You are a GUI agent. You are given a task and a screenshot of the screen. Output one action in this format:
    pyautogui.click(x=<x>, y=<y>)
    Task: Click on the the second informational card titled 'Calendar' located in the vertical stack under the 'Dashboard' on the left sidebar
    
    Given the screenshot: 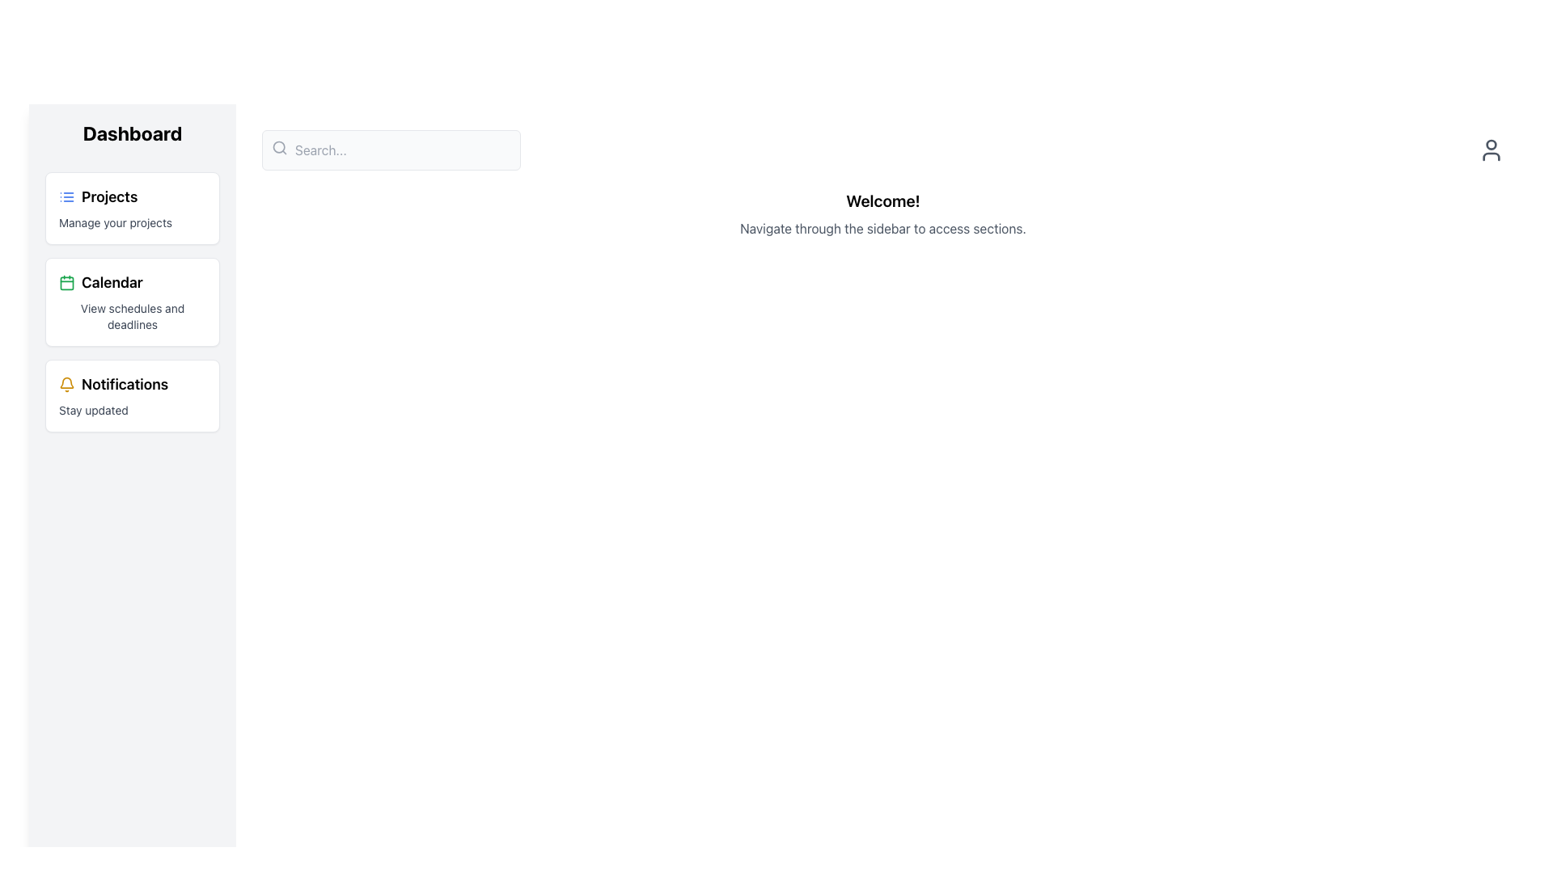 What is the action you would take?
    pyautogui.click(x=132, y=302)
    